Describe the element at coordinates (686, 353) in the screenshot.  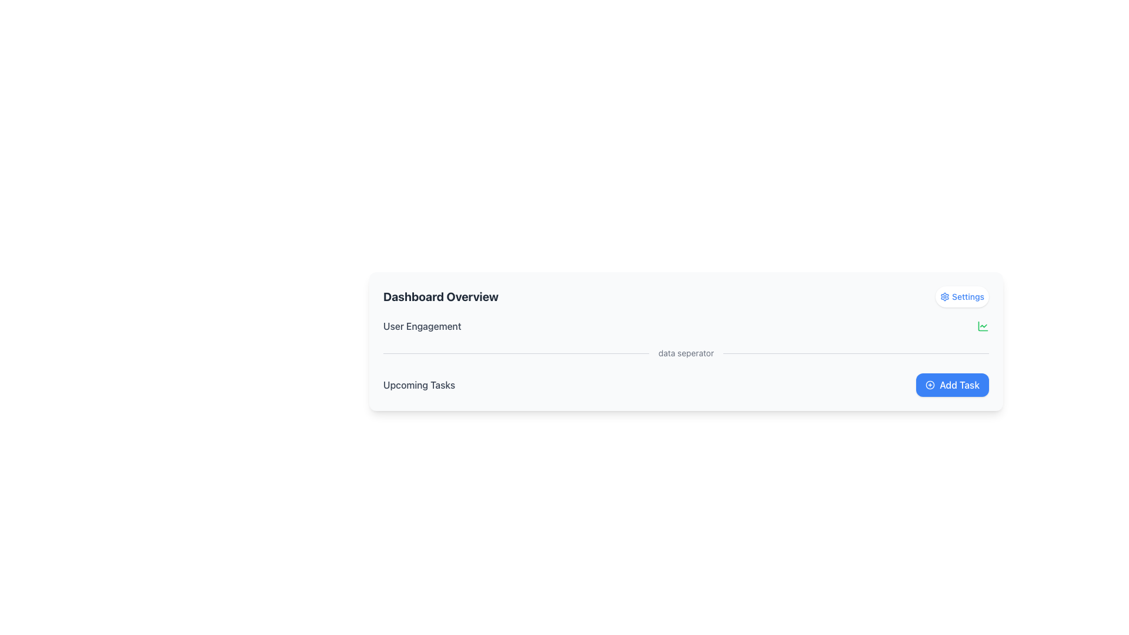
I see `the horizontal separator with the text 'data separator' that is visually distinct and centered between 'User Engagement' and 'Upcoming Tasks'` at that location.